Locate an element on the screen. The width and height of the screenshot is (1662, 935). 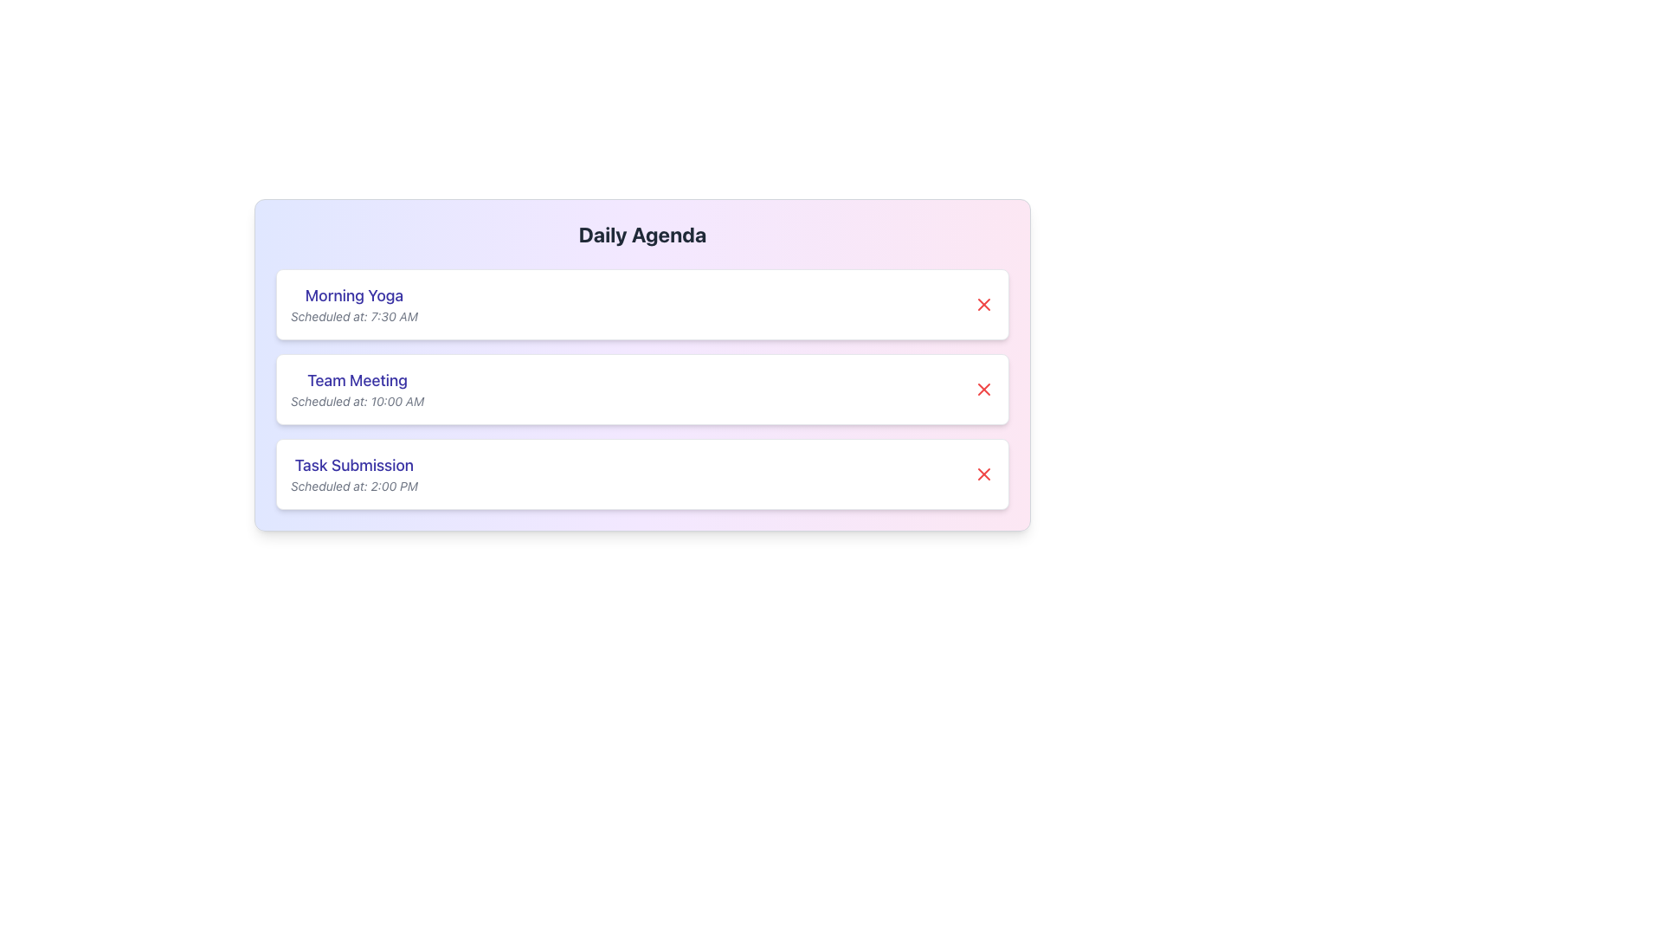
the red 'X' icon located at the rightmost end of the first agenda item, next to 'Morning Yoga - Scheduled at: 7:30 AM' is located at coordinates (984, 303).